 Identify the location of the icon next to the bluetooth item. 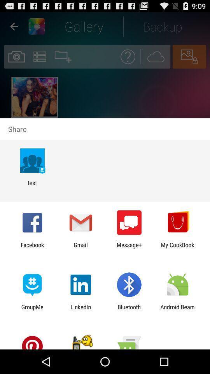
(80, 310).